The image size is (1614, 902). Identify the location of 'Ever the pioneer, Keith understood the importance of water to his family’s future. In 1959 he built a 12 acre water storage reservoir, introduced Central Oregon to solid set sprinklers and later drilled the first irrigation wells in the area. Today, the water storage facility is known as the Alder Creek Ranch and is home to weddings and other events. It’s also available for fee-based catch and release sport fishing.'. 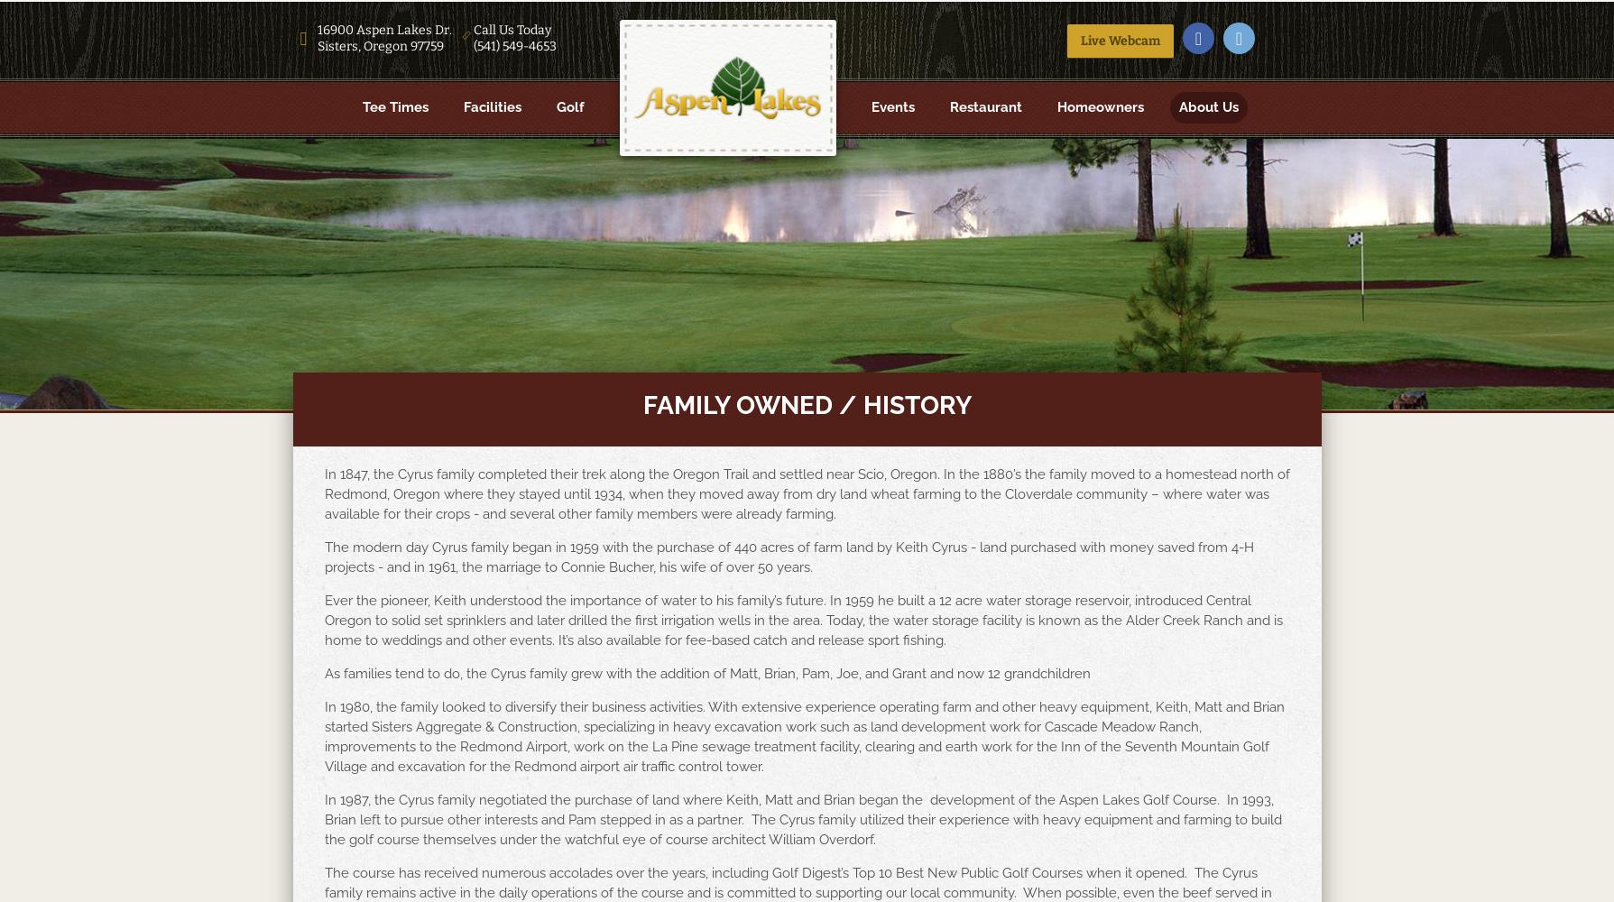
(323, 621).